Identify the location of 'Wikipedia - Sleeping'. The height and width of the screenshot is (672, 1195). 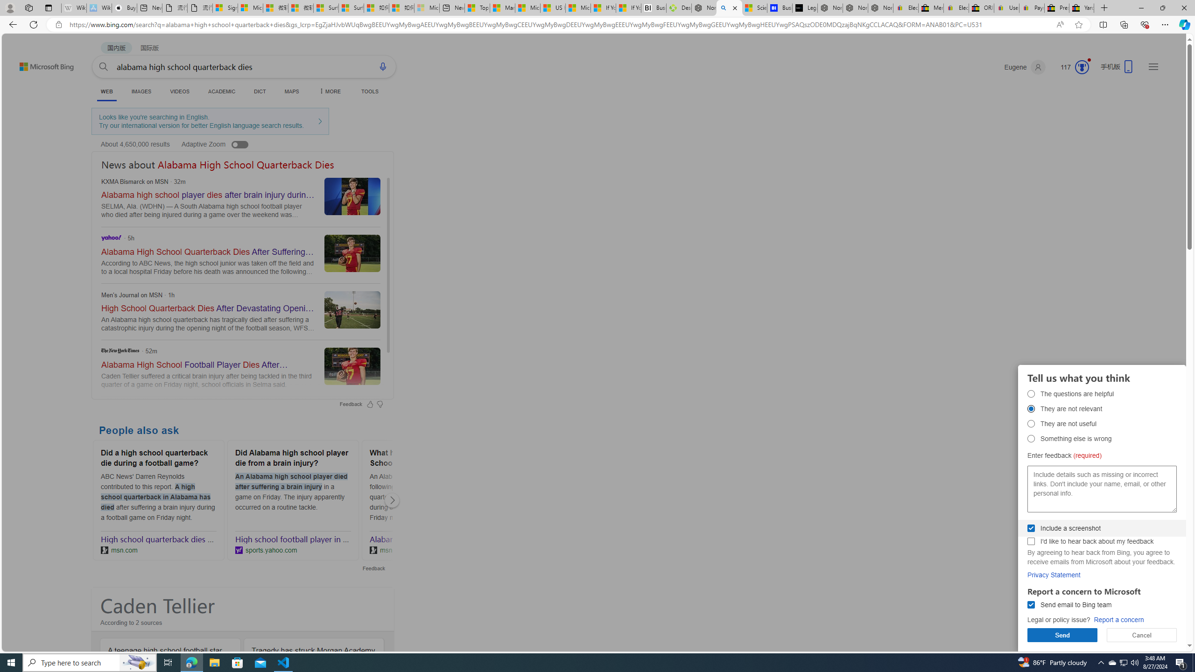
(74, 7).